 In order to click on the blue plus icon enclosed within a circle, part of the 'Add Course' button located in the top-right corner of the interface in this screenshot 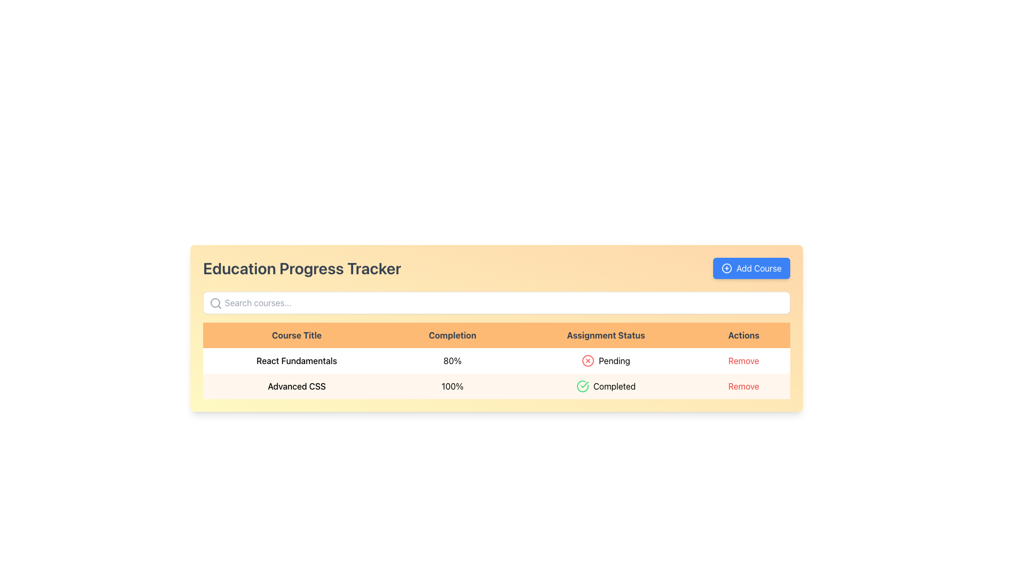, I will do `click(726, 268)`.